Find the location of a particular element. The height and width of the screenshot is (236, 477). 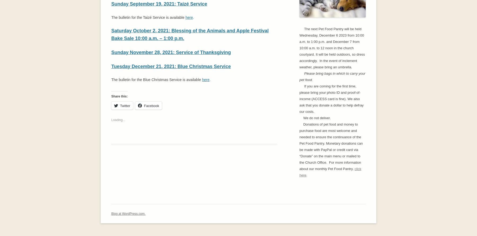

'If you are coming for the first time, please bring your photo ID and proof-of-income (ACCESS card is fine). We also ask that you donate a dollar to help defray our costs.' is located at coordinates (332, 99).